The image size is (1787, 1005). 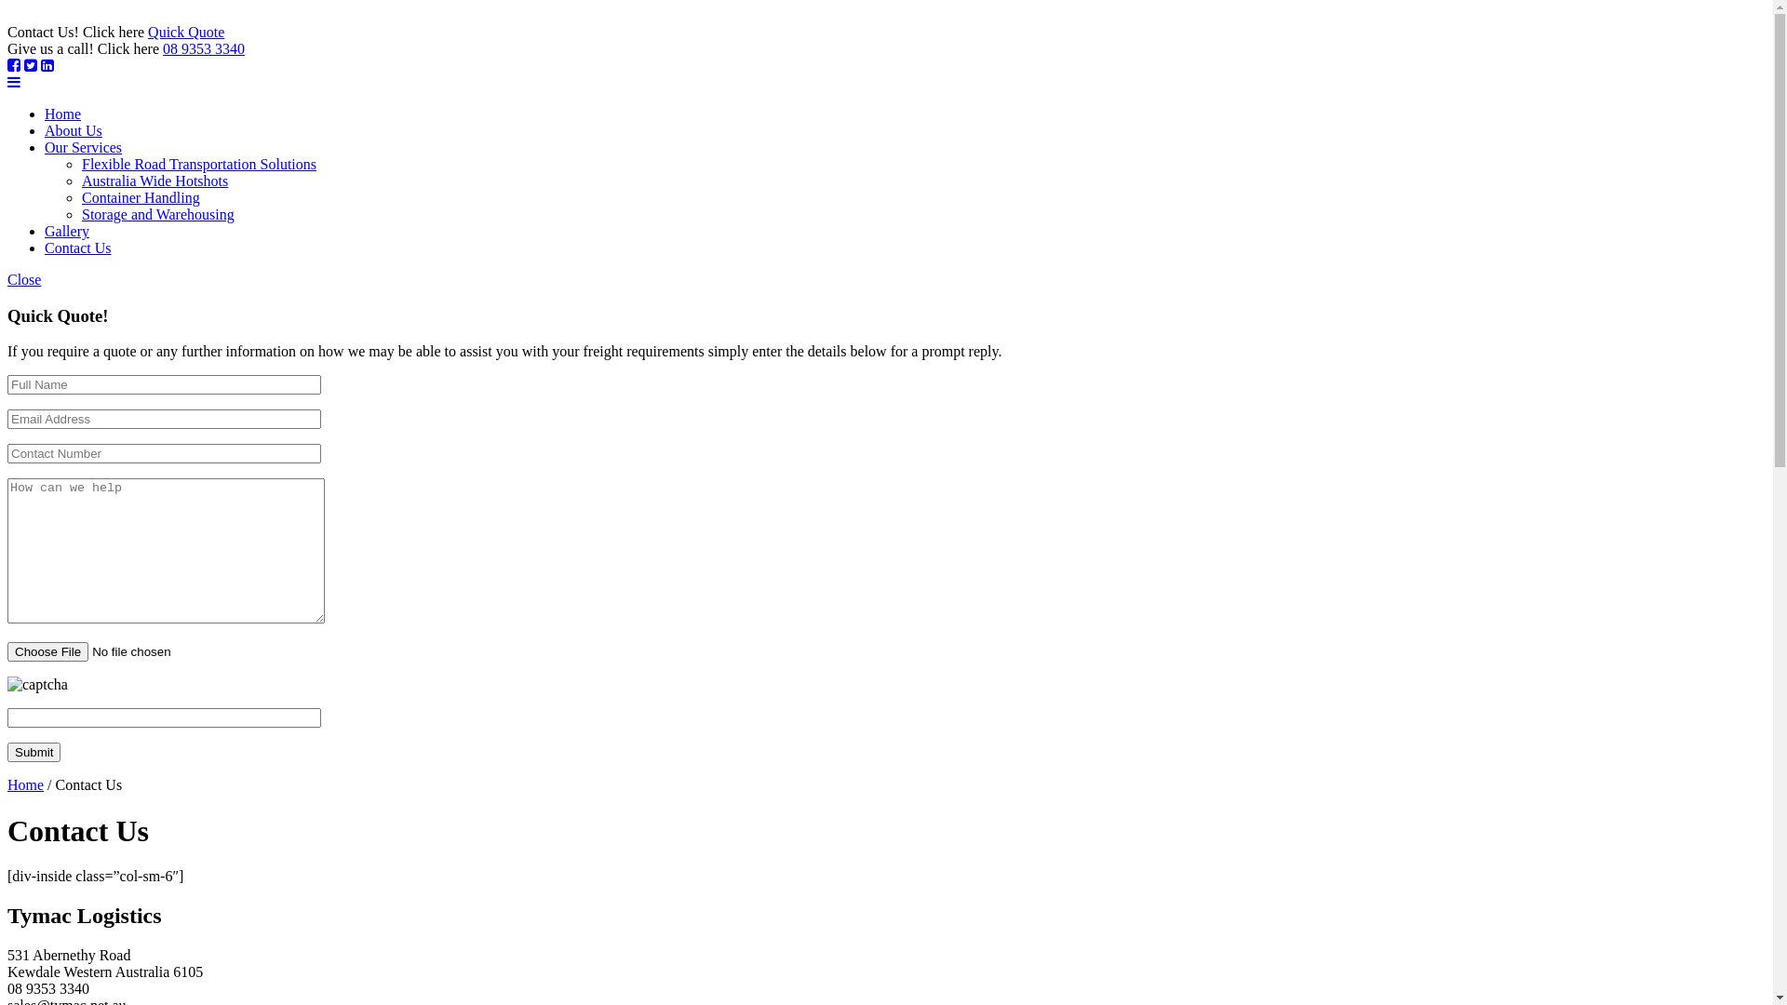 What do you see at coordinates (23, 279) in the screenshot?
I see `'Close'` at bounding box center [23, 279].